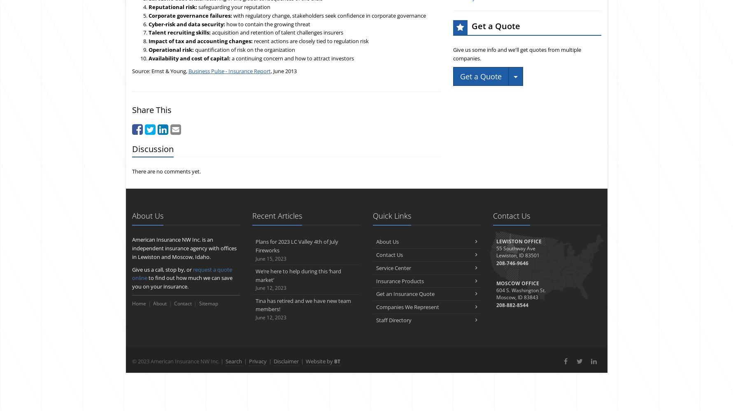  What do you see at coordinates (226, 24) in the screenshot?
I see `'how to contain the growing threat'` at bounding box center [226, 24].